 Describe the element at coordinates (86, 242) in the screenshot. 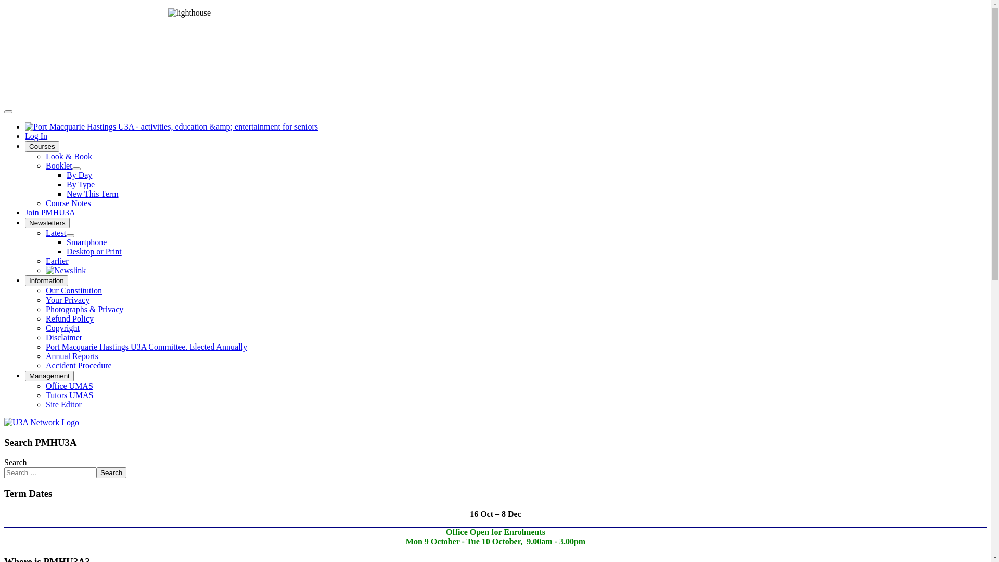

I see `'Smartphone'` at that location.